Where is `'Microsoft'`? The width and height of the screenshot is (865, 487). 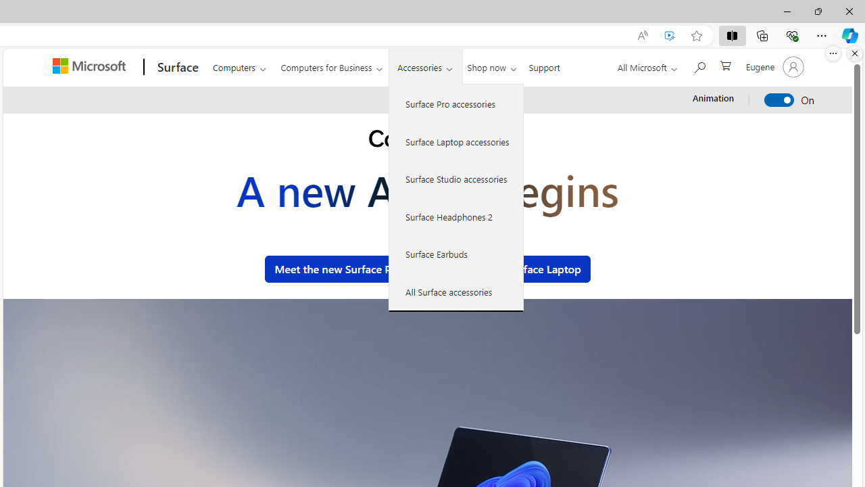
'Microsoft' is located at coordinates (91, 67).